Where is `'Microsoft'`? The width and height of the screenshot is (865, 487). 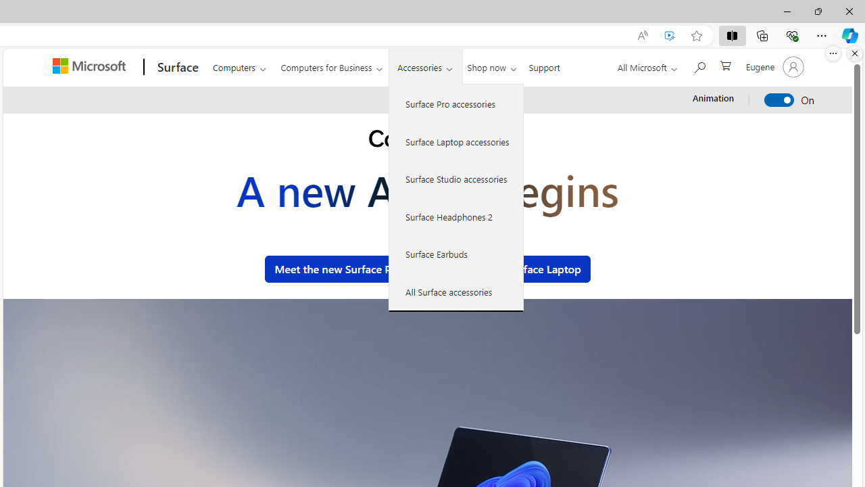
'Microsoft' is located at coordinates (91, 67).